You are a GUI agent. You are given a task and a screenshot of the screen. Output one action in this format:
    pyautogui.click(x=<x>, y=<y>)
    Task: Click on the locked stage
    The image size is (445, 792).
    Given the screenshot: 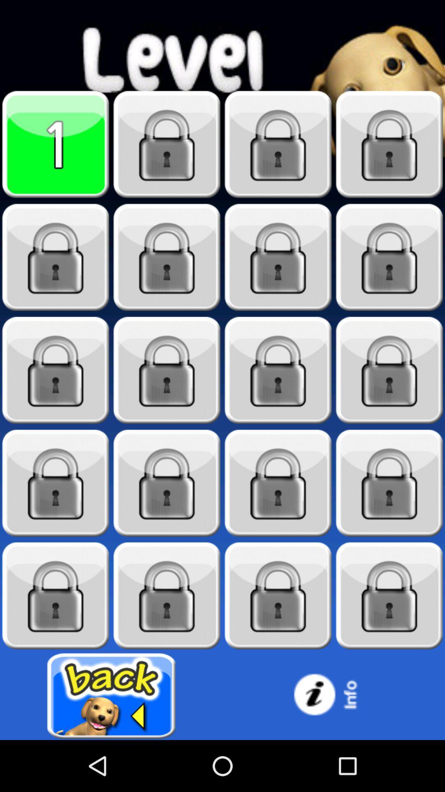 What is the action you would take?
    pyautogui.click(x=389, y=483)
    